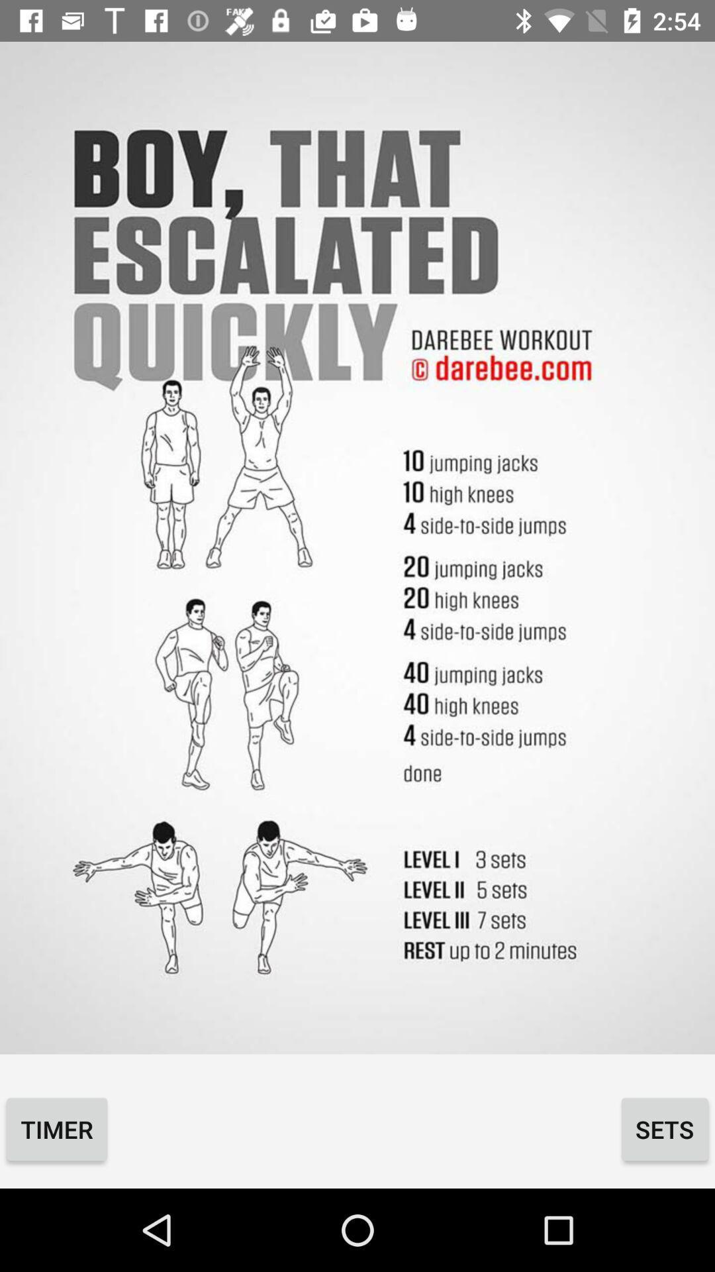 This screenshot has width=715, height=1272. Describe the element at coordinates (56, 1128) in the screenshot. I see `item at the bottom left corner` at that location.